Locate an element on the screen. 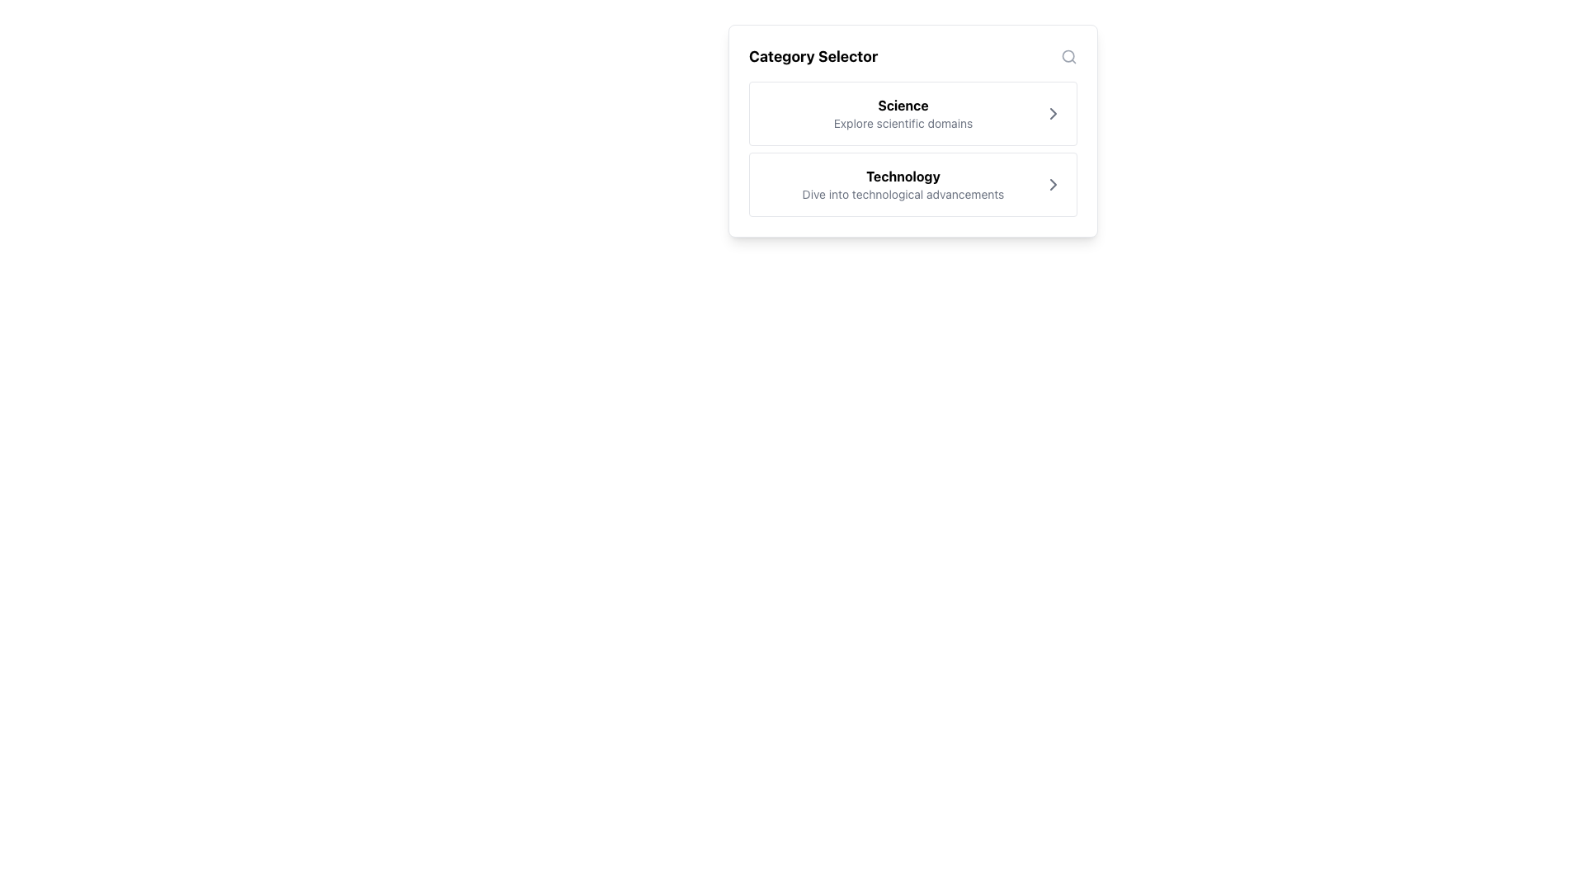  the search initiator icon button located at the top right corner of the category selector box is located at coordinates (1069, 56).